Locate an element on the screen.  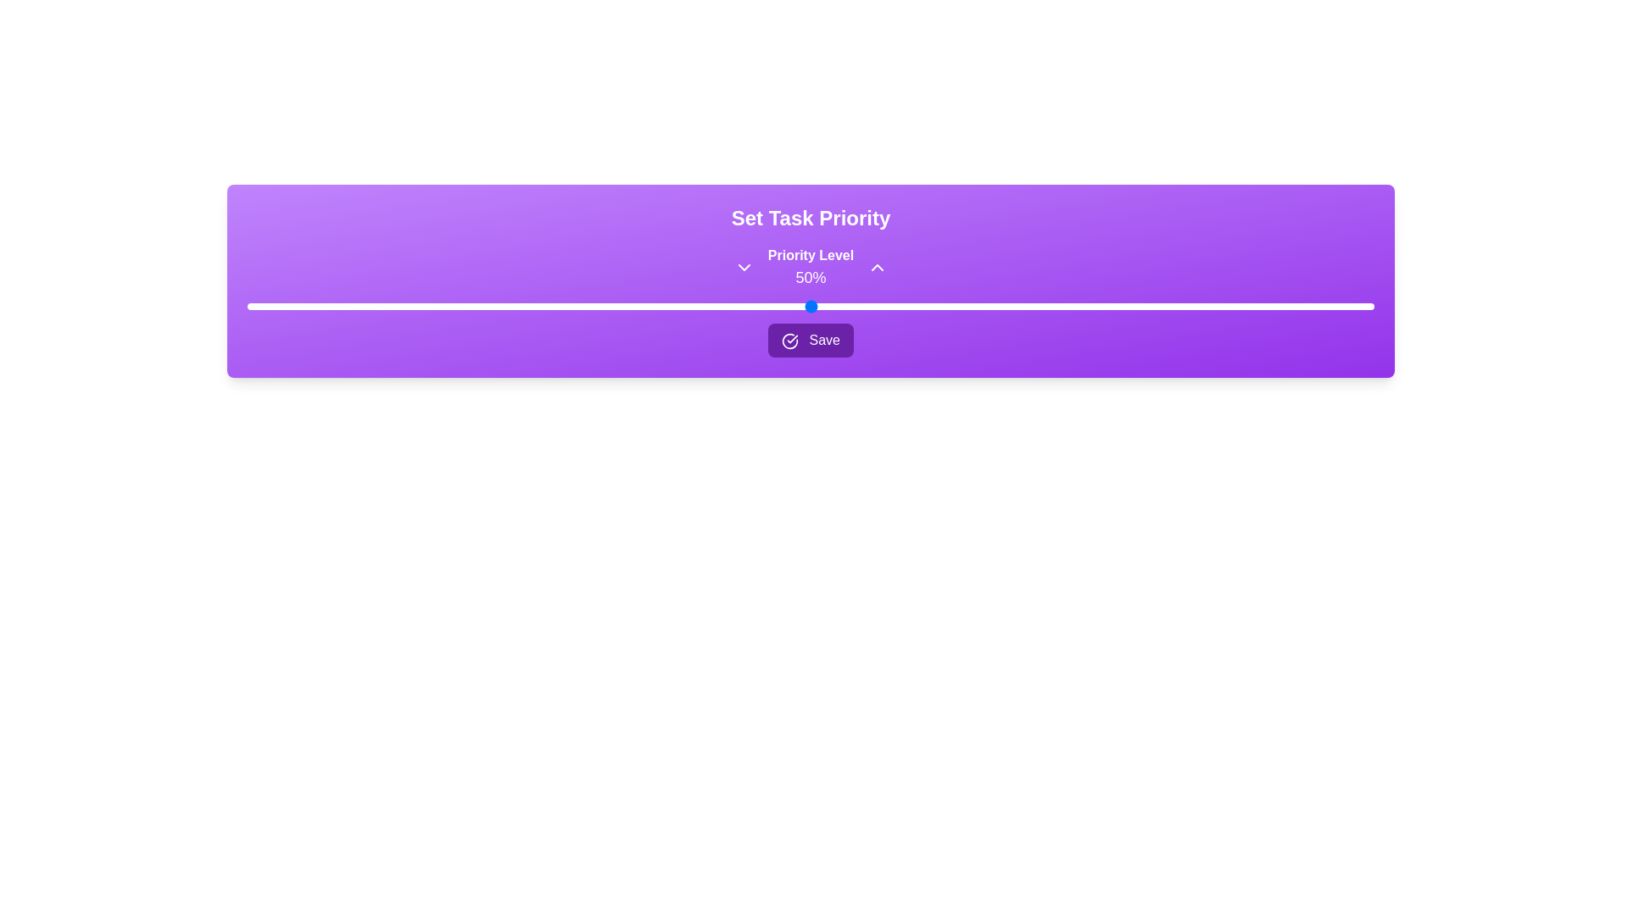
the priority level is located at coordinates (641, 307).